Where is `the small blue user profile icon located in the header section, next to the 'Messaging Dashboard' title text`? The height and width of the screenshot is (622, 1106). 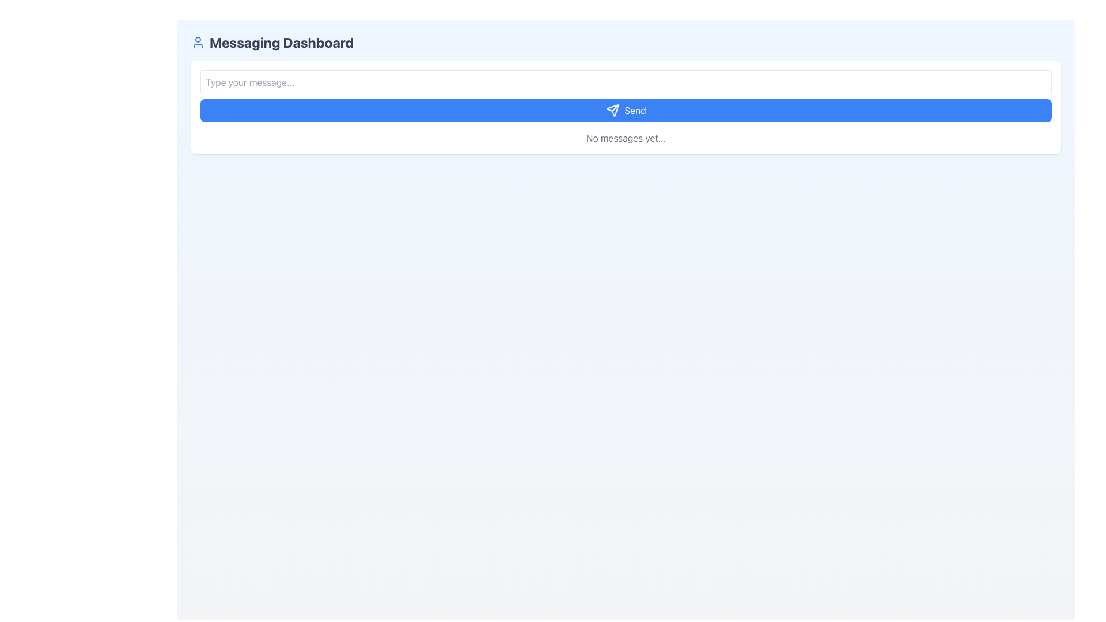
the small blue user profile icon located in the header section, next to the 'Messaging Dashboard' title text is located at coordinates (198, 41).